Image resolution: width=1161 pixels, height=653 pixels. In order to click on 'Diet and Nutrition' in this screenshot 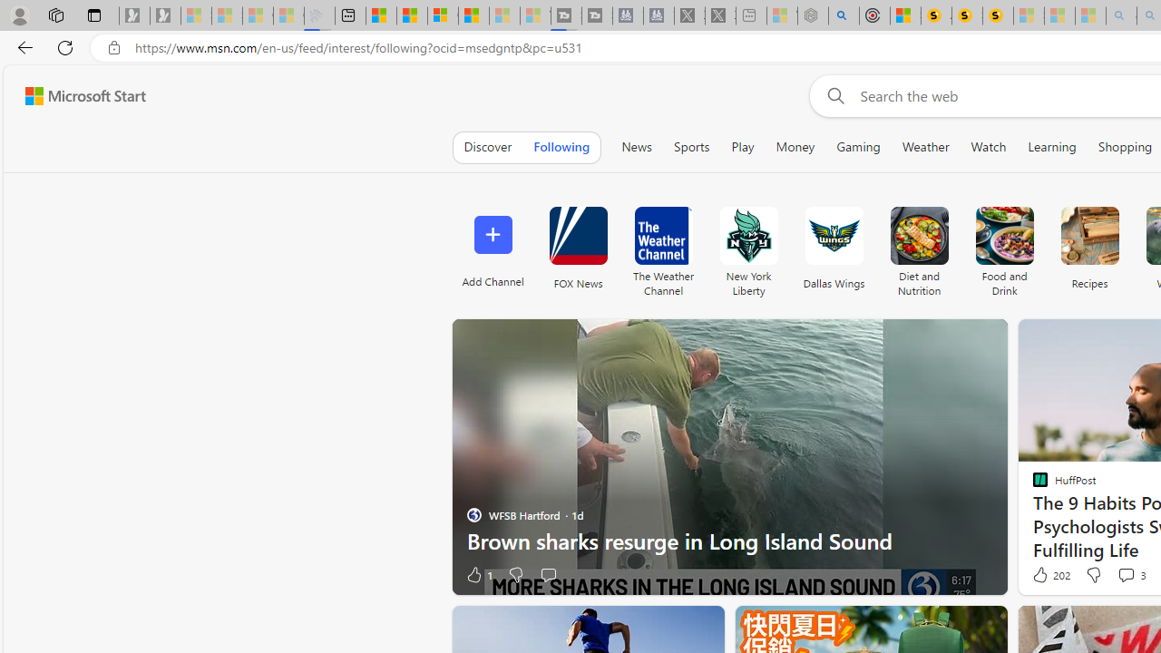, I will do `click(919, 247)`.